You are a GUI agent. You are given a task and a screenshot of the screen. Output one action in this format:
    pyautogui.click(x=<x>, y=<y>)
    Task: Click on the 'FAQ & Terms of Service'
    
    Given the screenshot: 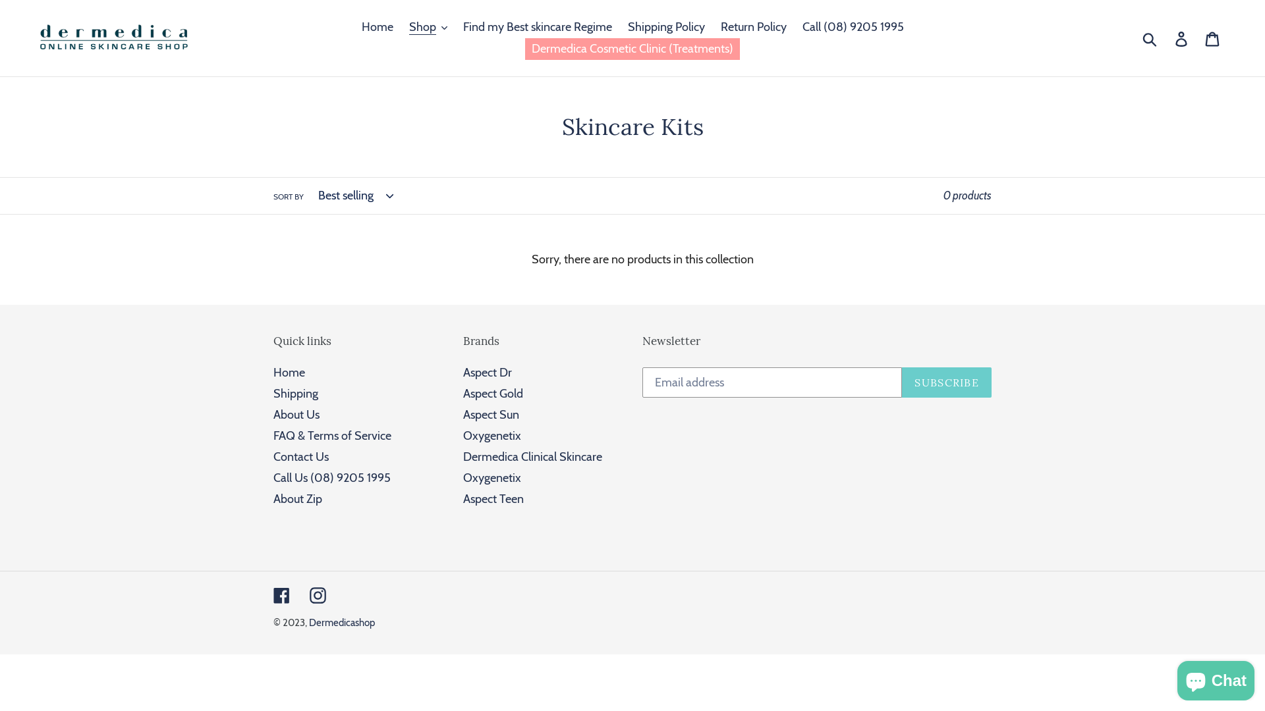 What is the action you would take?
    pyautogui.click(x=332, y=436)
    